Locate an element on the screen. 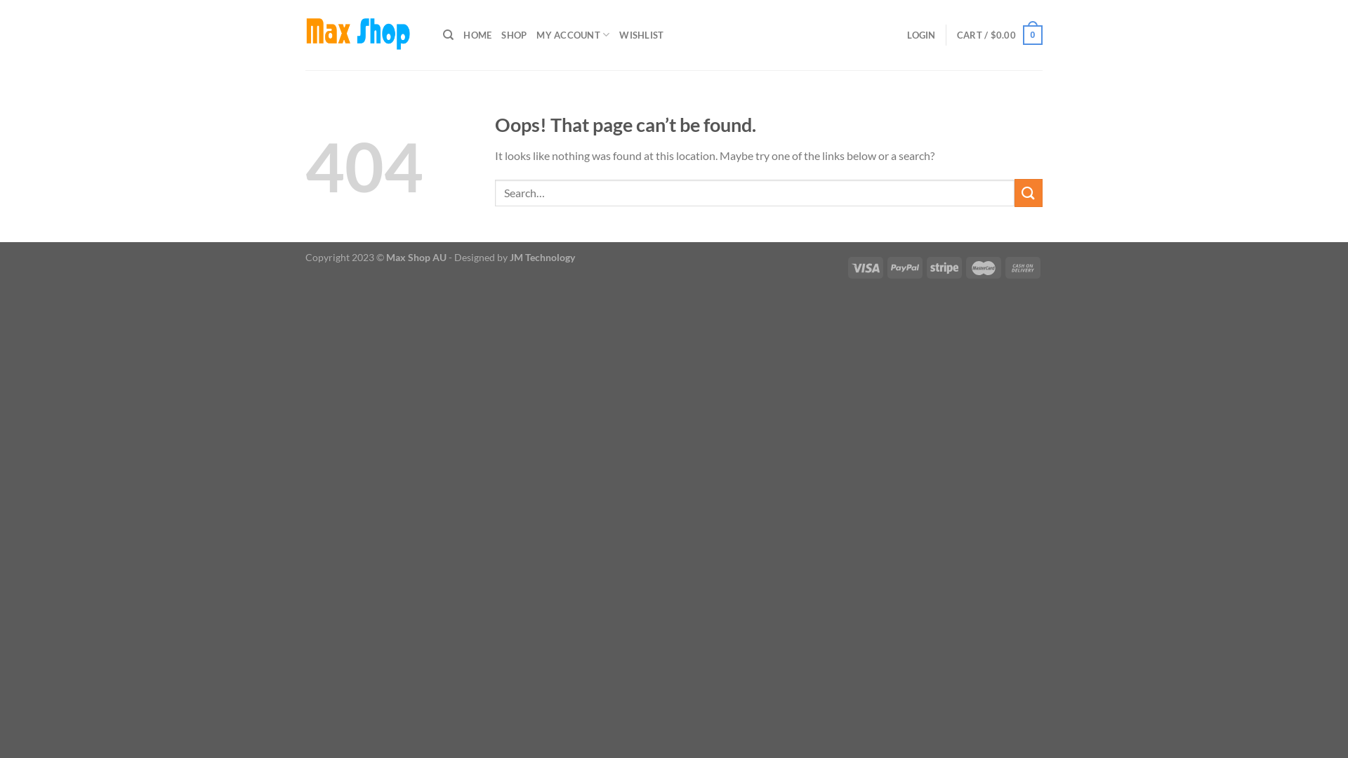  'WISHLIST' is located at coordinates (640, 34).